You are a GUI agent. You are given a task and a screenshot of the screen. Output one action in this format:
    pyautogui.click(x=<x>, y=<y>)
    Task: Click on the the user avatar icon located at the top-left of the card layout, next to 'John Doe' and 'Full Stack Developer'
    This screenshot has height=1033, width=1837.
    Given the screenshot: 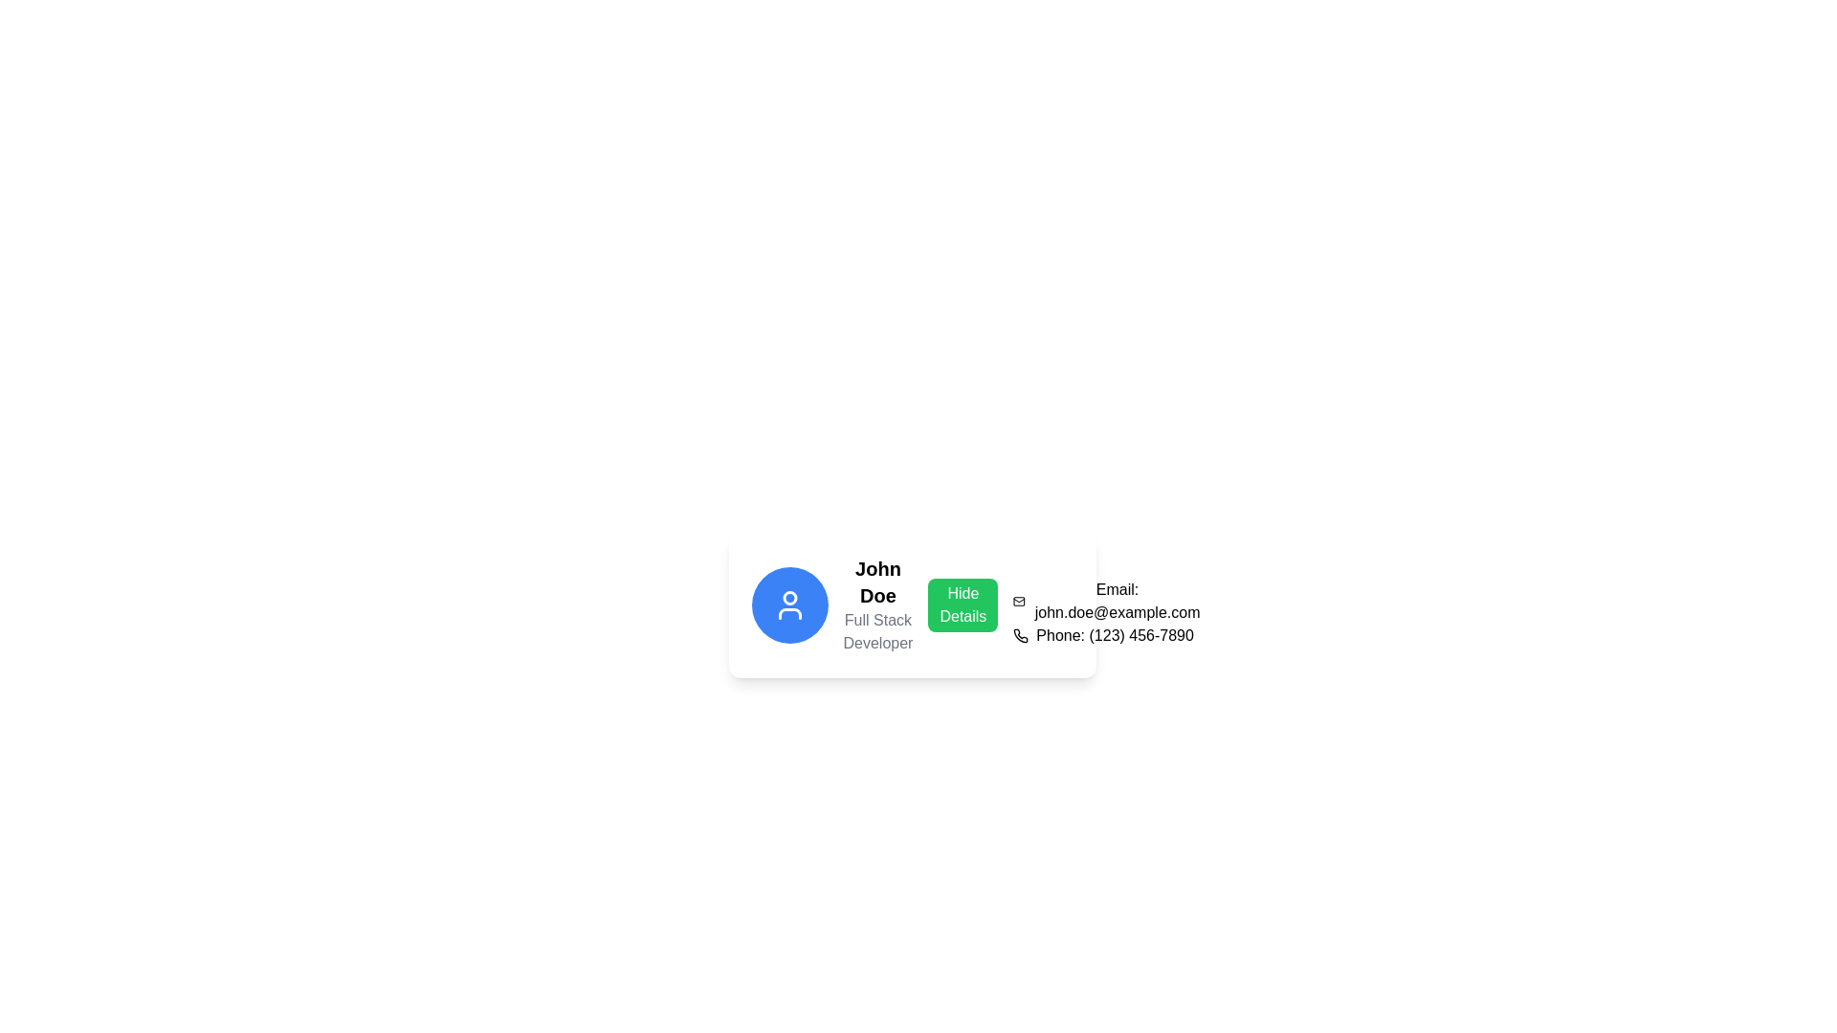 What is the action you would take?
    pyautogui.click(x=789, y=604)
    